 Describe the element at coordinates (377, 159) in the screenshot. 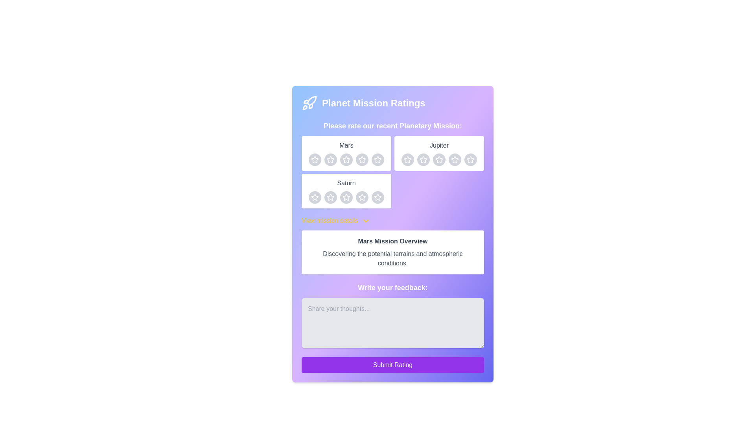

I see `the fourth star icon in the star rating section under the 'Mars' label` at that location.